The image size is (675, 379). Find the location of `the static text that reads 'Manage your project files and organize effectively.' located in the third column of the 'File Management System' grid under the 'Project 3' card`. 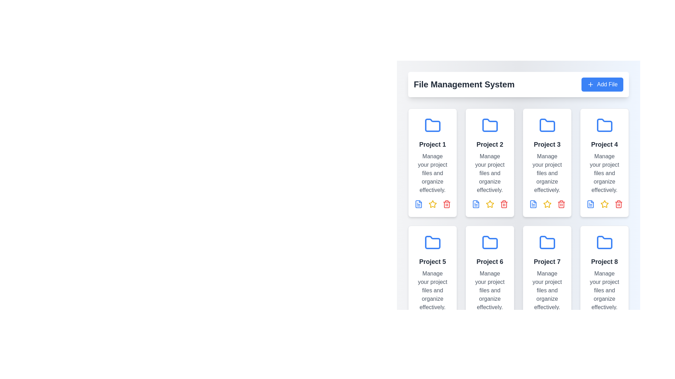

the static text that reads 'Manage your project files and organize effectively.' located in the third column of the 'File Management System' grid under the 'Project 3' card is located at coordinates (547, 173).